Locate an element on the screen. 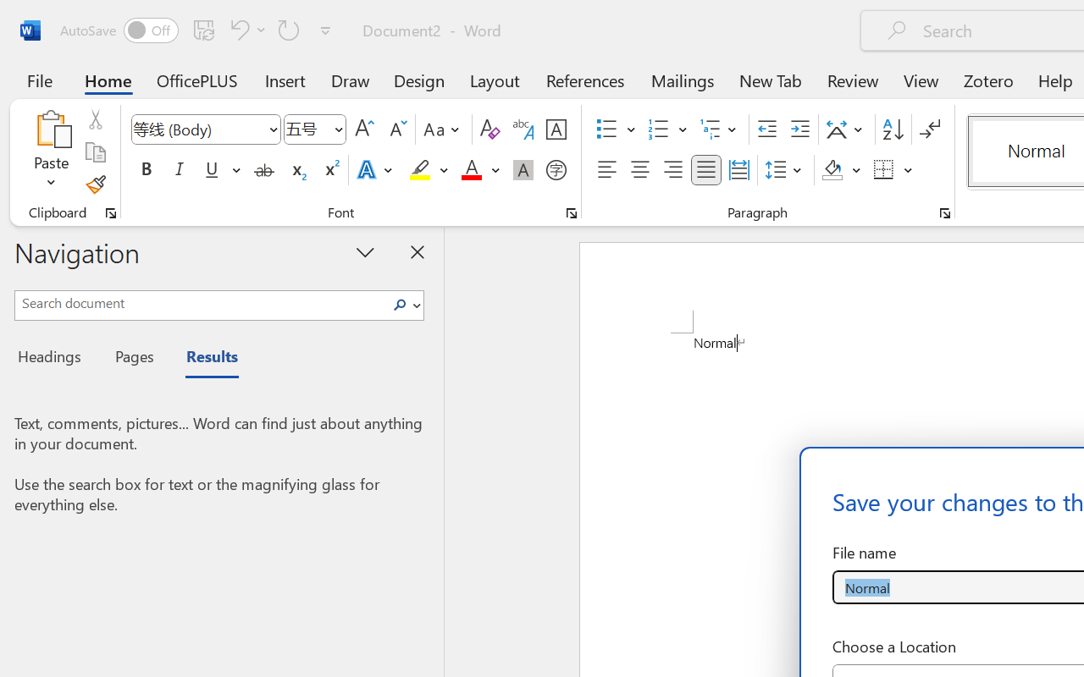 The height and width of the screenshot is (677, 1084). 'Show/Hide Editing Marks' is located at coordinates (929, 129).